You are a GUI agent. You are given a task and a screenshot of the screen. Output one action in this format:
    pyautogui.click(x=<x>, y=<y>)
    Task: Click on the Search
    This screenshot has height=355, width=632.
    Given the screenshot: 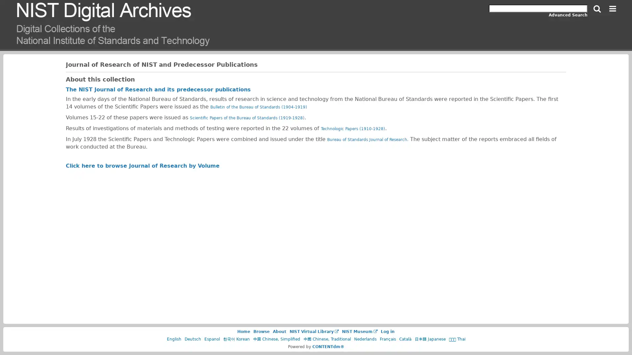 What is the action you would take?
    pyautogui.click(x=597, y=9)
    